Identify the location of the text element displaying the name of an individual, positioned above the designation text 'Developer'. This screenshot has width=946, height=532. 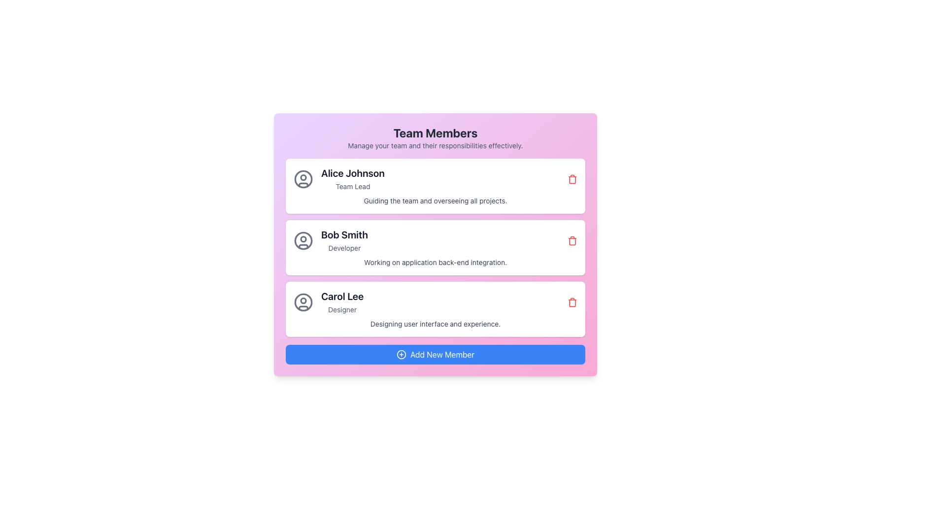
(344, 235).